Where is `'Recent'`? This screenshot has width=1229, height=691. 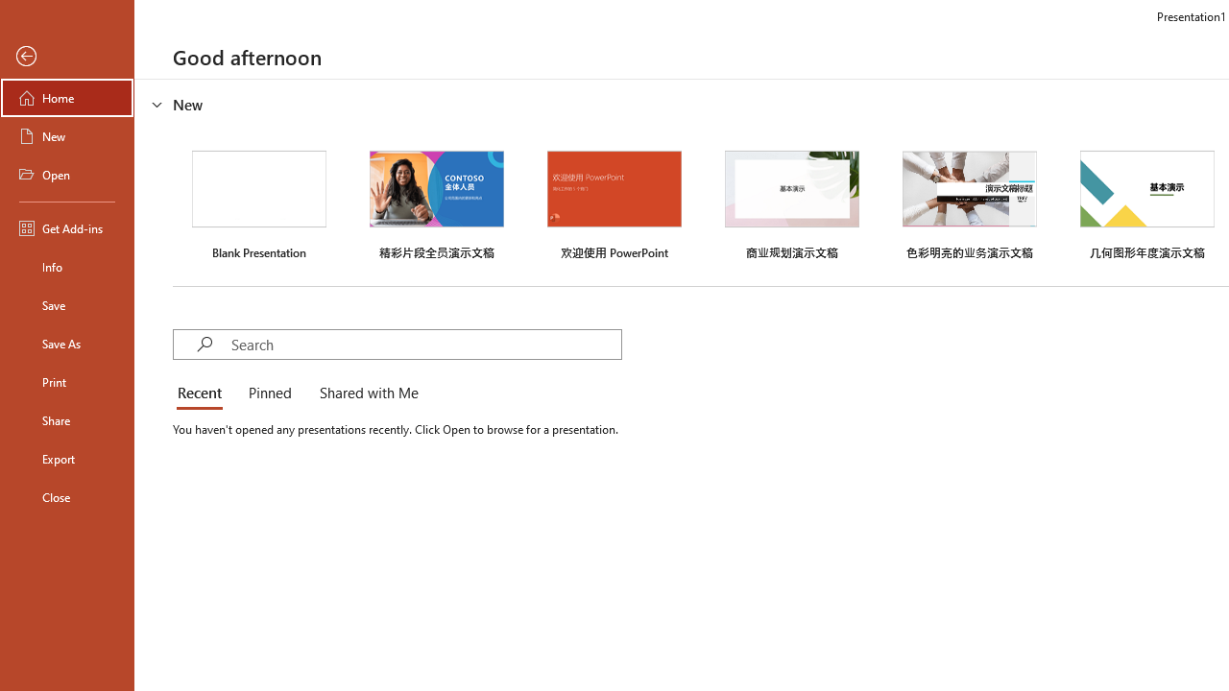 'Recent' is located at coordinates (204, 393).